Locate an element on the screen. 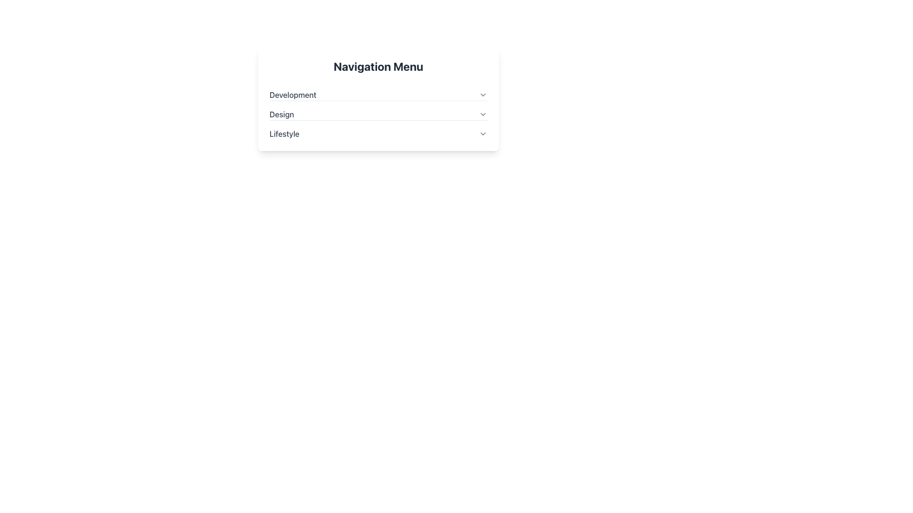 This screenshot has width=913, height=513. the 'Lifestyle' Dropdown Trigger element in the vertical navigation menu is located at coordinates (378, 133).